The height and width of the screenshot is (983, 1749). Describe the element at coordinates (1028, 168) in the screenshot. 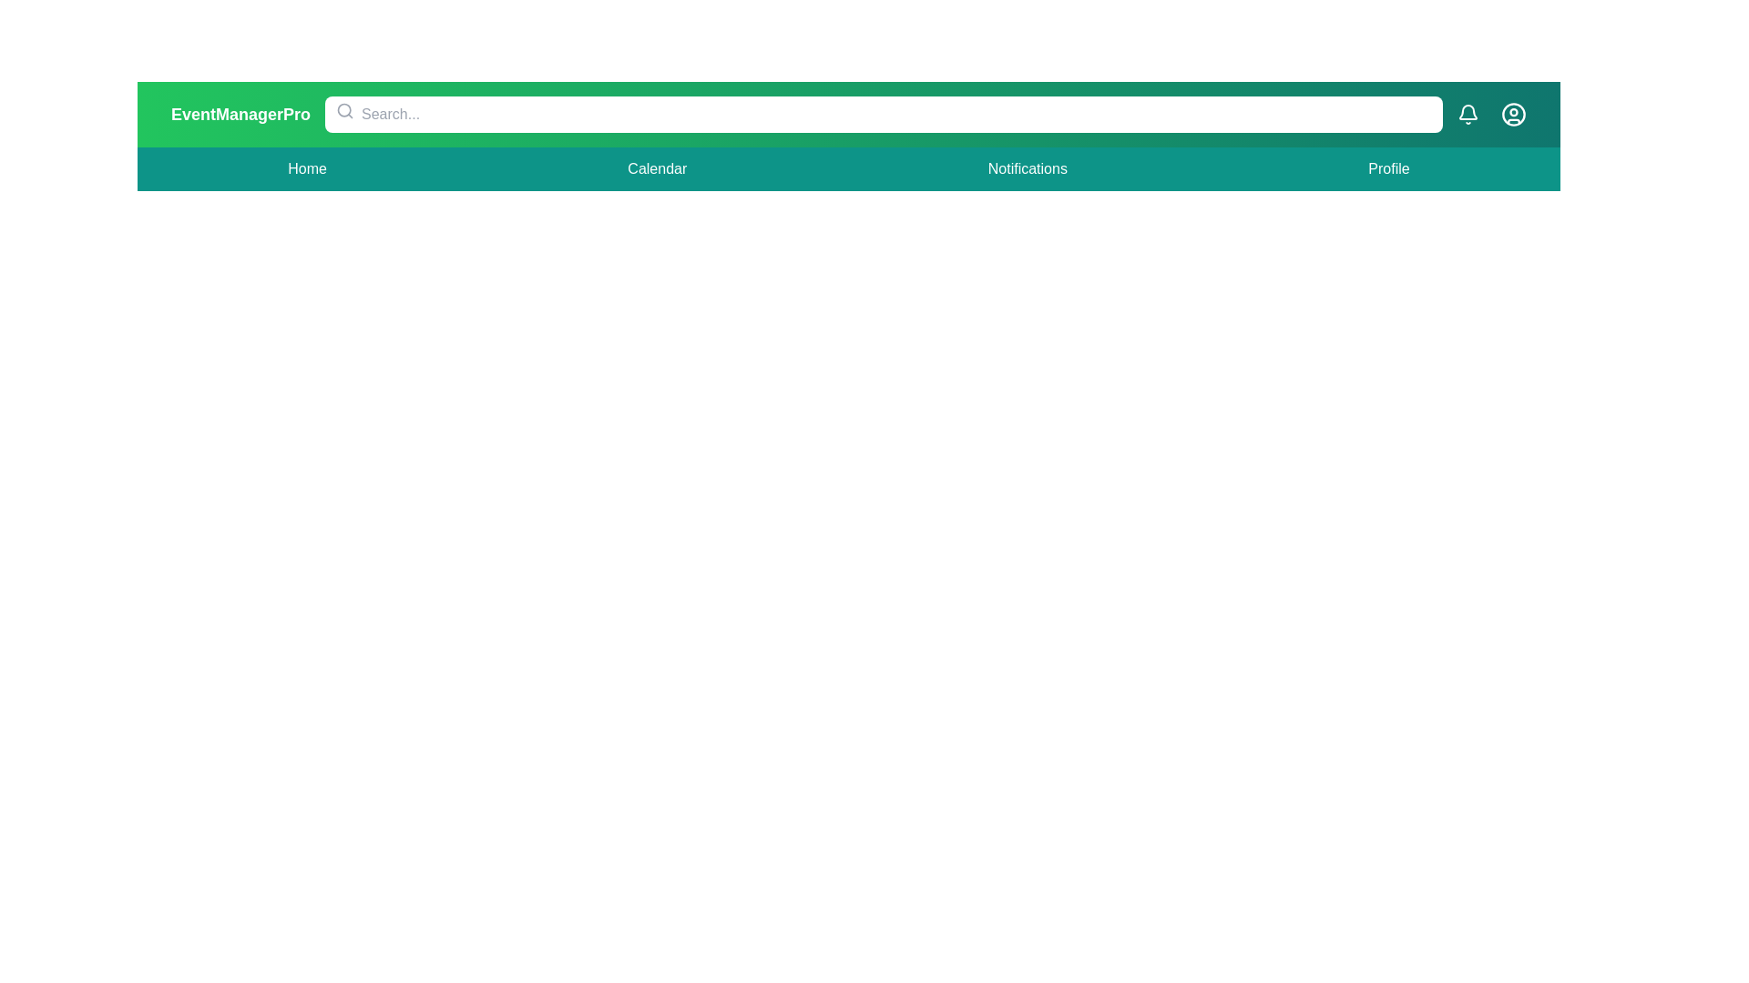

I see `the menu item Notifications from the navigation bar` at that location.